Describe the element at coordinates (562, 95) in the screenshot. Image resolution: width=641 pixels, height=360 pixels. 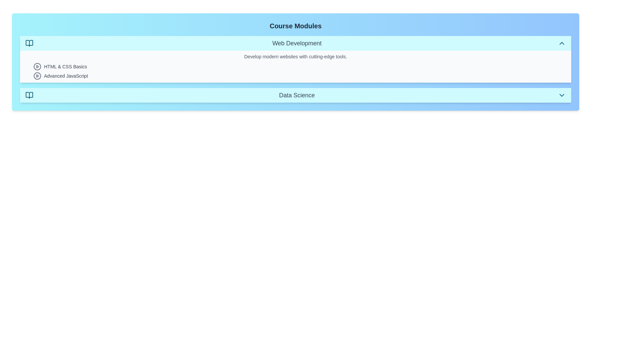
I see `the downward-facing chevron icon styled with cyan color and outlined with a rounded stroke at the far-right end of the 'Data Science' horizontal bar` at that location.